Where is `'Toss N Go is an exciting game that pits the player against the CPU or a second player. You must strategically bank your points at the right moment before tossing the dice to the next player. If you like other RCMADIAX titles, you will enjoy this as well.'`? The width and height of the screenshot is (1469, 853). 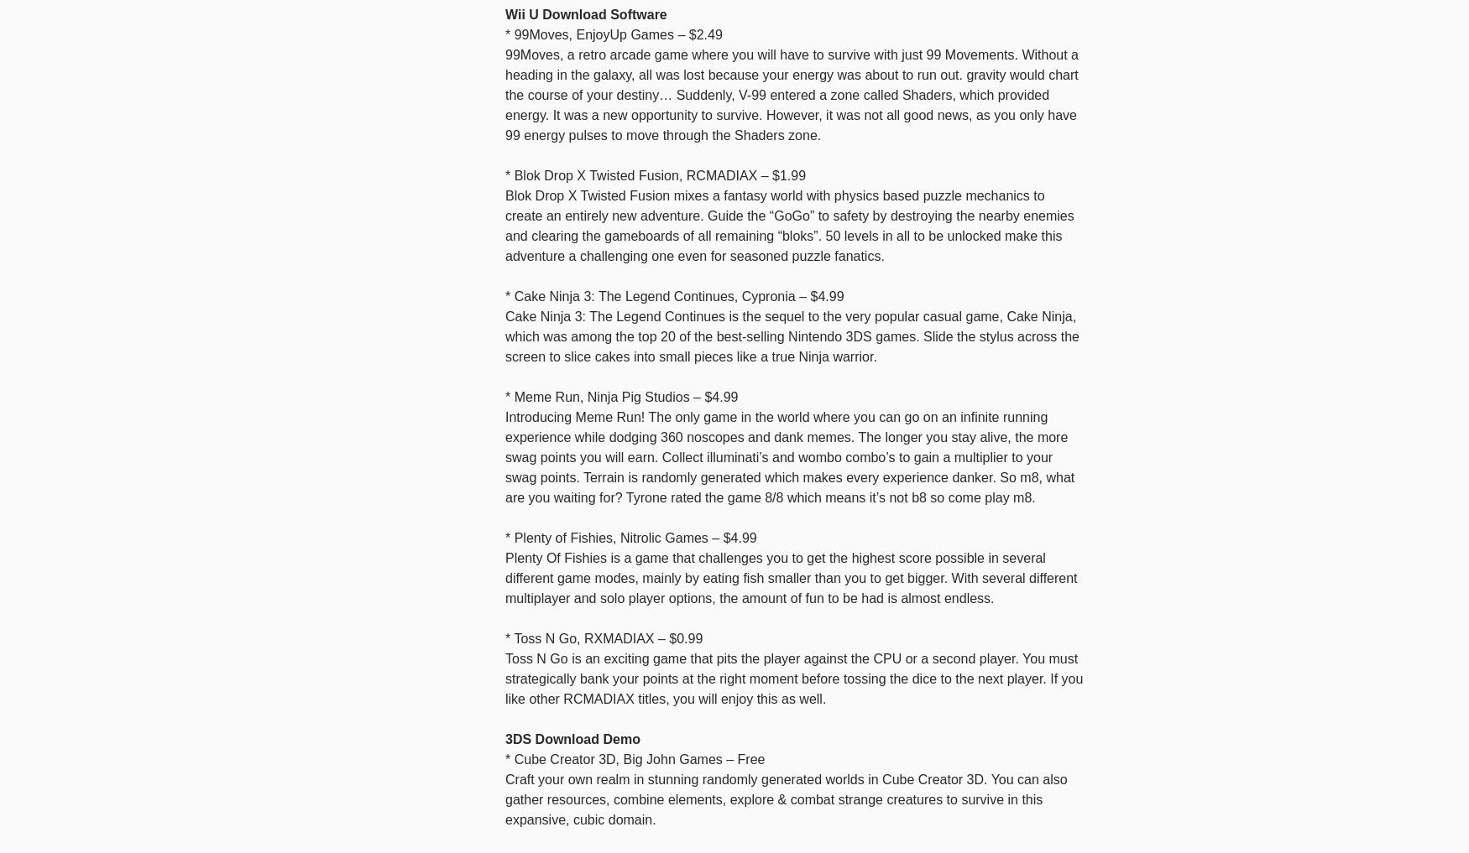
'Toss N Go is an exciting game that pits the player against the CPU or a second player. You must strategically bank your points at the right moment before tossing the dice to the next player. If you like other RCMADIAX titles, you will enjoy this as well.' is located at coordinates (794, 677).